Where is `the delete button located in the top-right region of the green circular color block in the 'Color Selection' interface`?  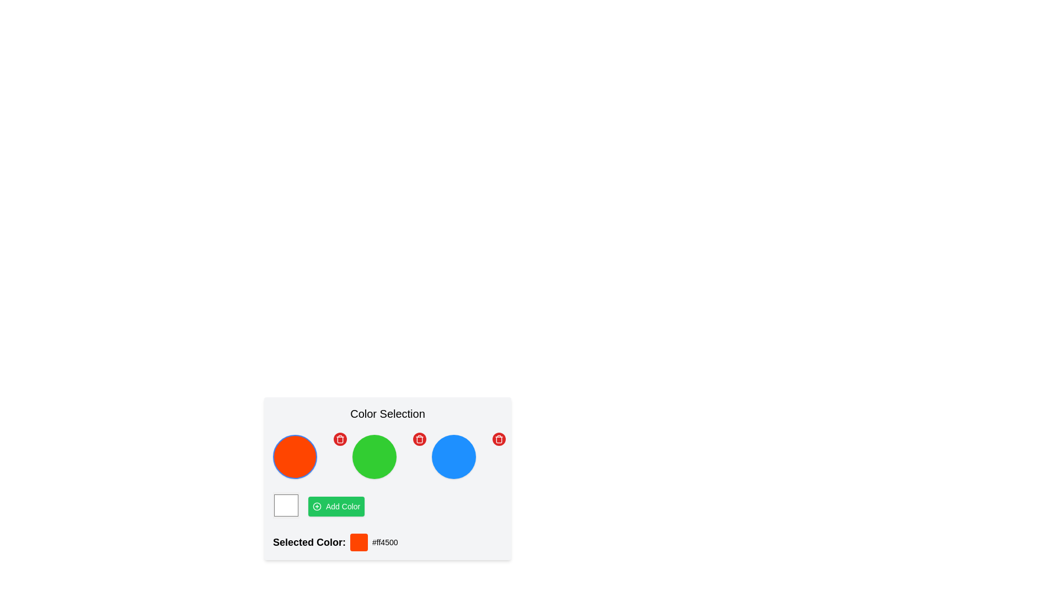 the delete button located in the top-right region of the green circular color block in the 'Color Selection' interface is located at coordinates (419, 438).